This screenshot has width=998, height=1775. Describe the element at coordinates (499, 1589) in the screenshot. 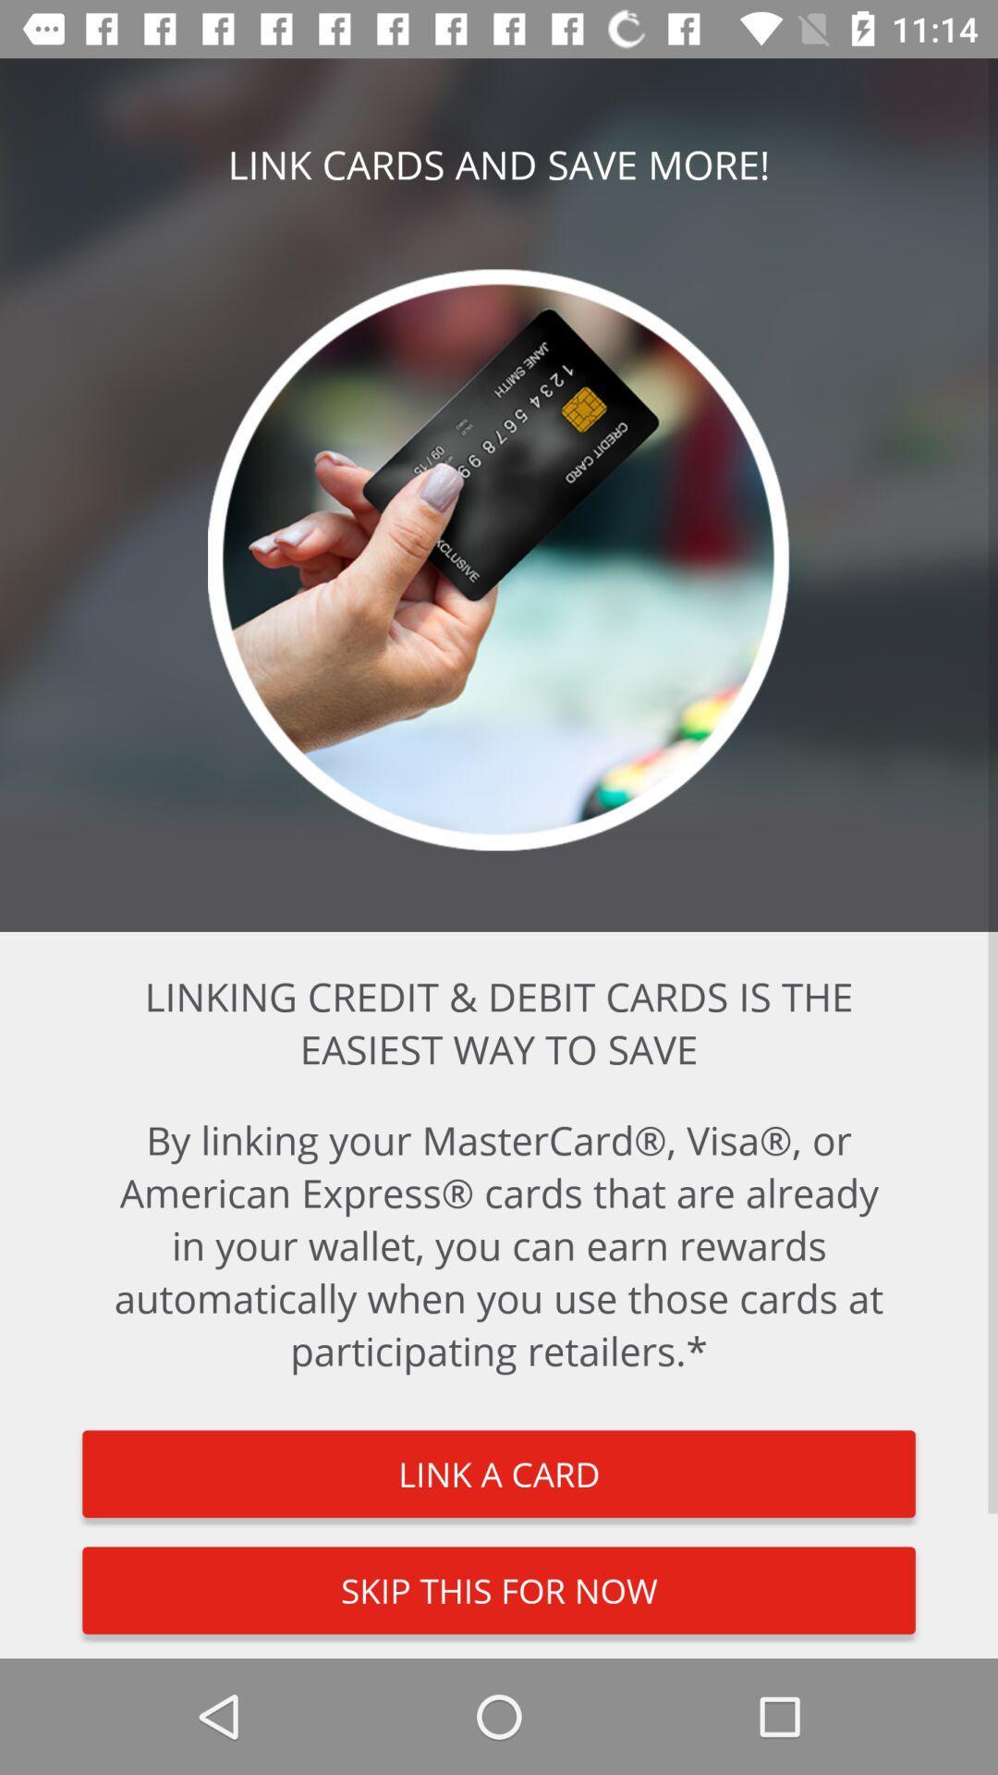

I see `item below the link a card` at that location.